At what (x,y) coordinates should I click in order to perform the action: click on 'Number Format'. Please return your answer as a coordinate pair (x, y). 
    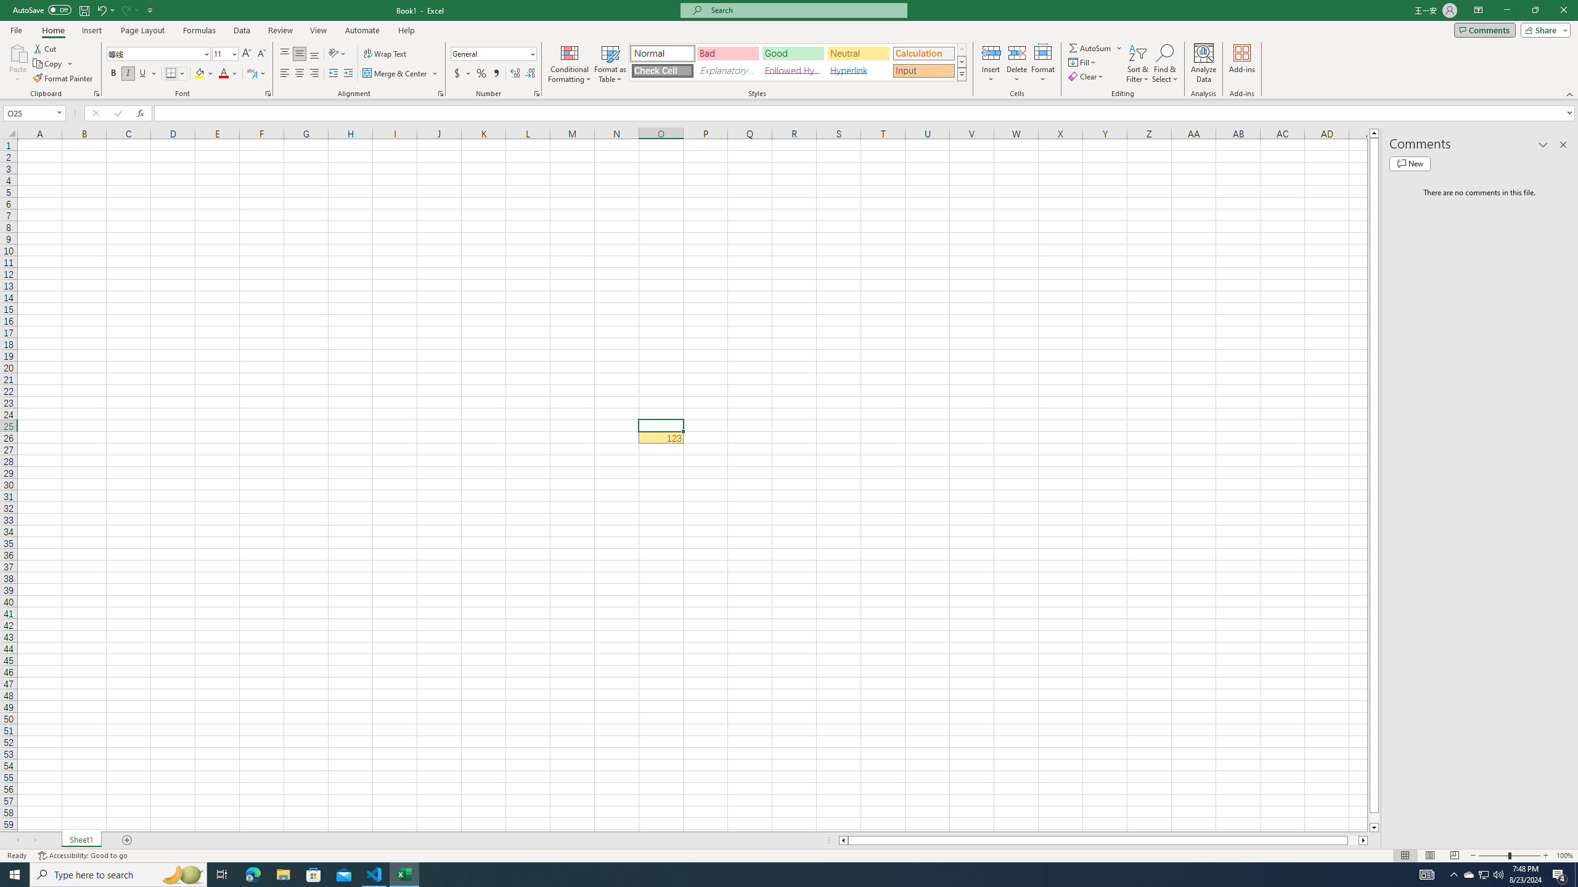
    Looking at the image, I should click on (493, 54).